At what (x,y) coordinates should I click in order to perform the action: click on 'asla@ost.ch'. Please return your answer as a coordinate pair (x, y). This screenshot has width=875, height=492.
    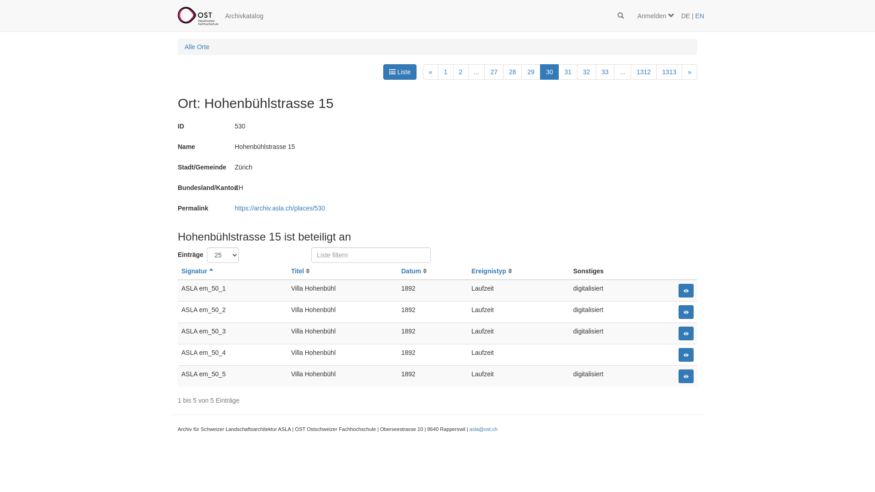
    Looking at the image, I should click on (483, 429).